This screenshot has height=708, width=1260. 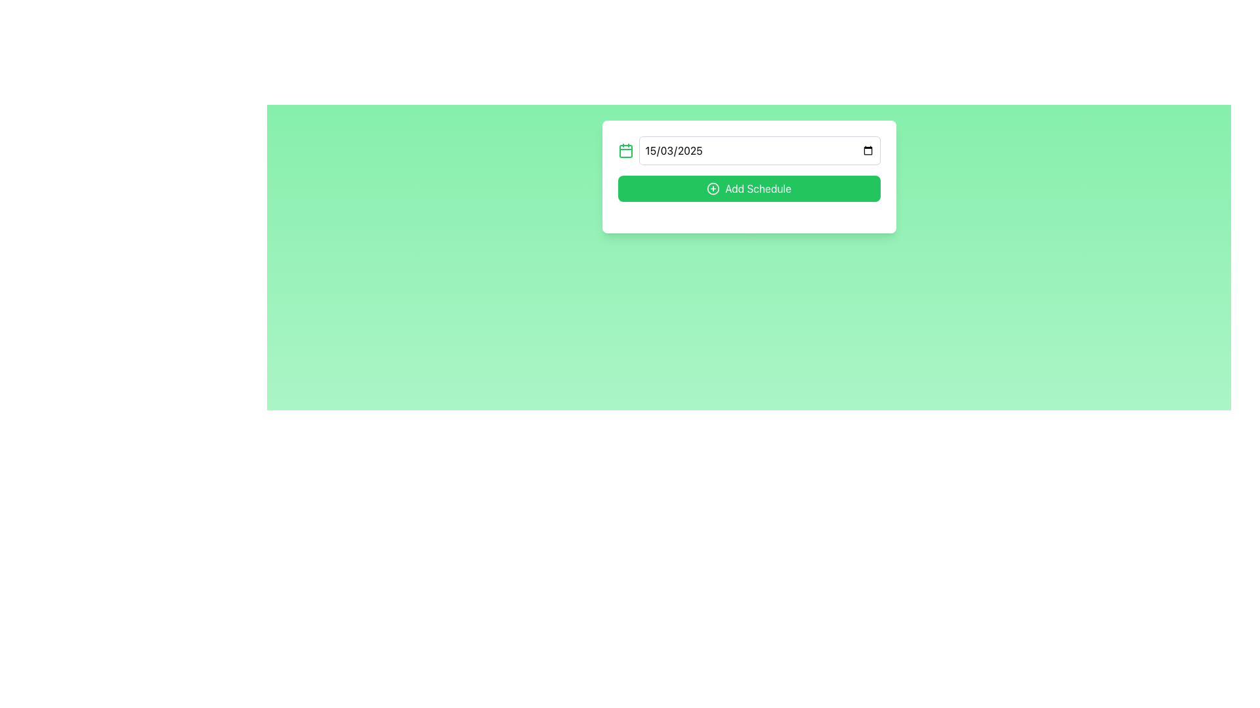 I want to click on the graphical component of the calendar icon located on the left side of the white input box near the upper left corner of the green and white interface, so click(x=625, y=151).